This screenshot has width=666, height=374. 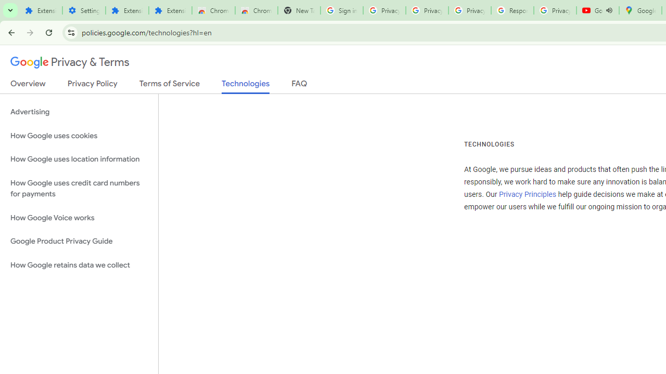 I want to click on 'Settings', so click(x=84, y=10).